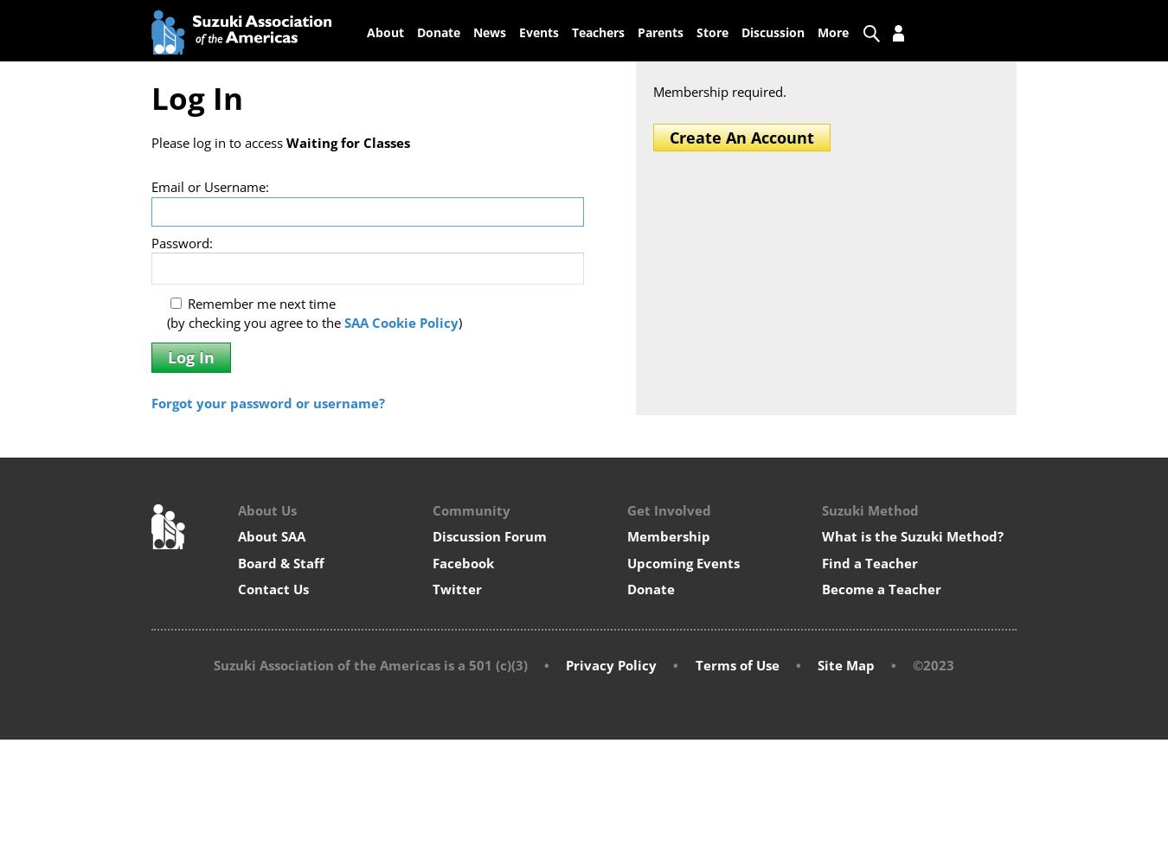 Image resolution: width=1168 pixels, height=865 pixels. Describe the element at coordinates (183, 302) in the screenshot. I see `'Remember me next time'` at that location.